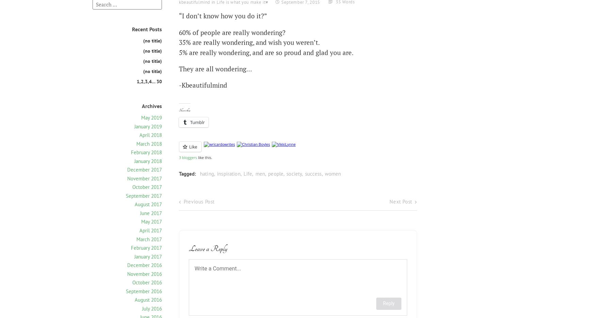 The height and width of the screenshot is (318, 596). Describe the element at coordinates (139, 230) in the screenshot. I see `'April 2017'` at that location.